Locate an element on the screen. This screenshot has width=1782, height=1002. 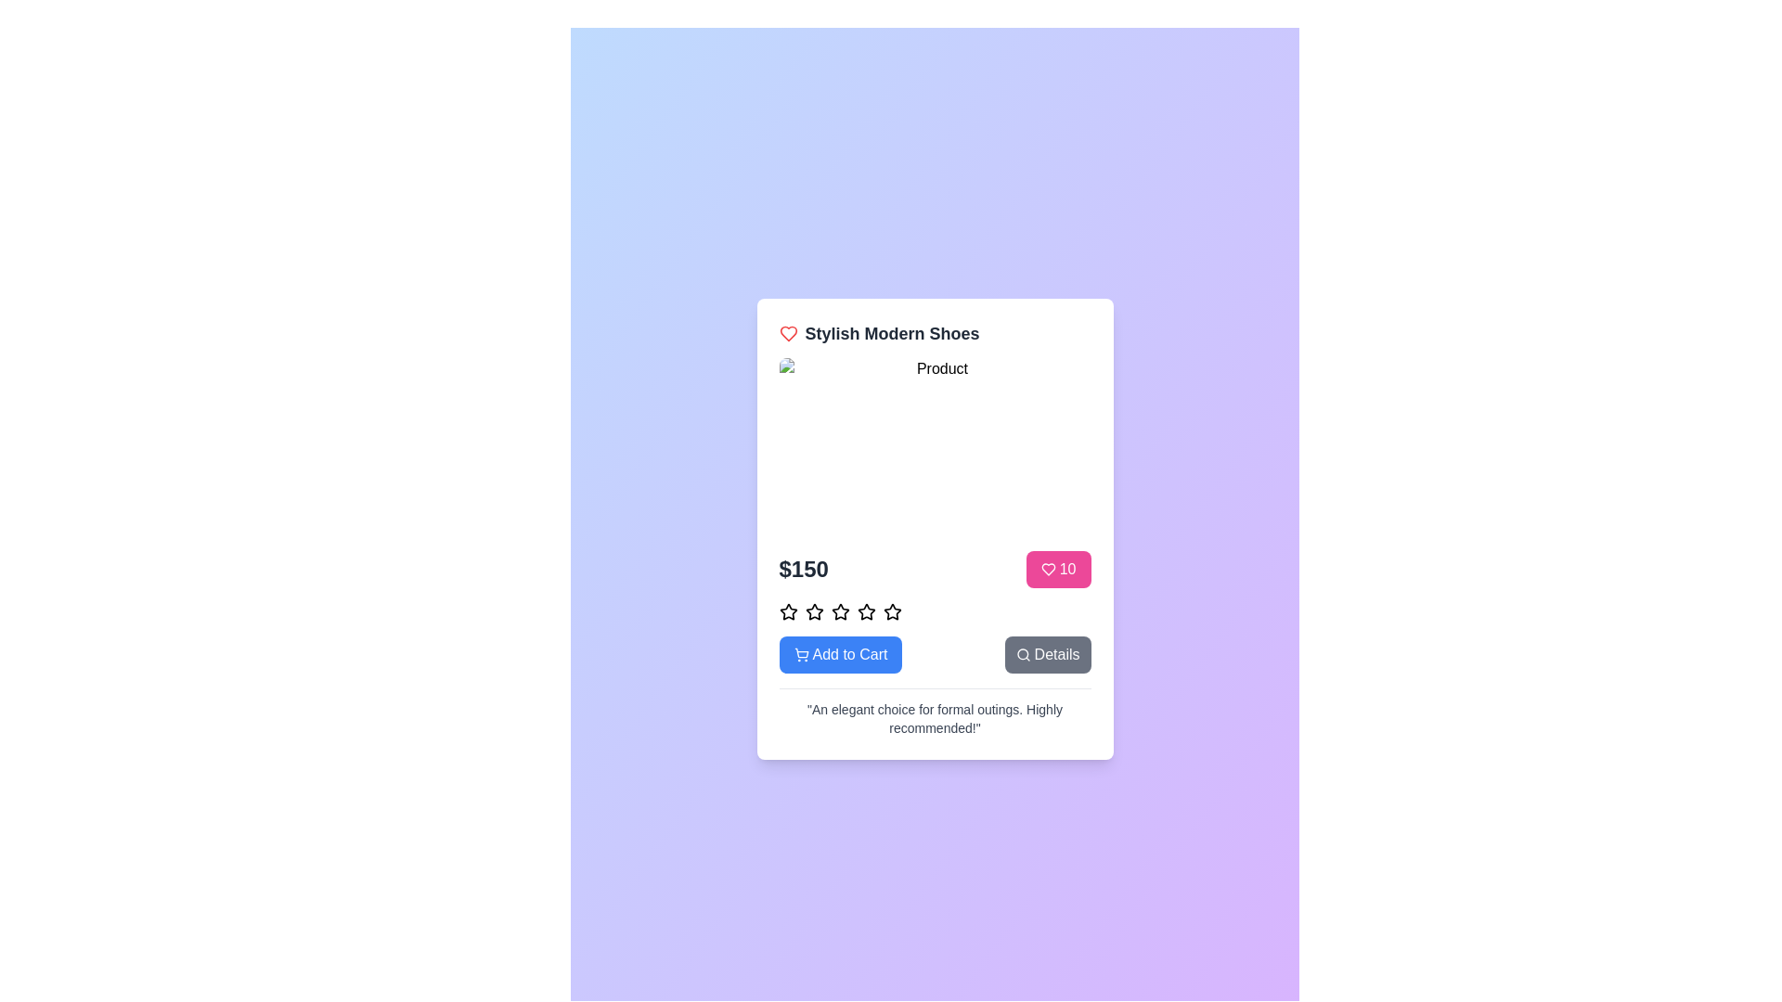
the outlined heart-shaped icon with a pink border, located on the left side of the pink button containing the number '10' is located at coordinates (1048, 568).